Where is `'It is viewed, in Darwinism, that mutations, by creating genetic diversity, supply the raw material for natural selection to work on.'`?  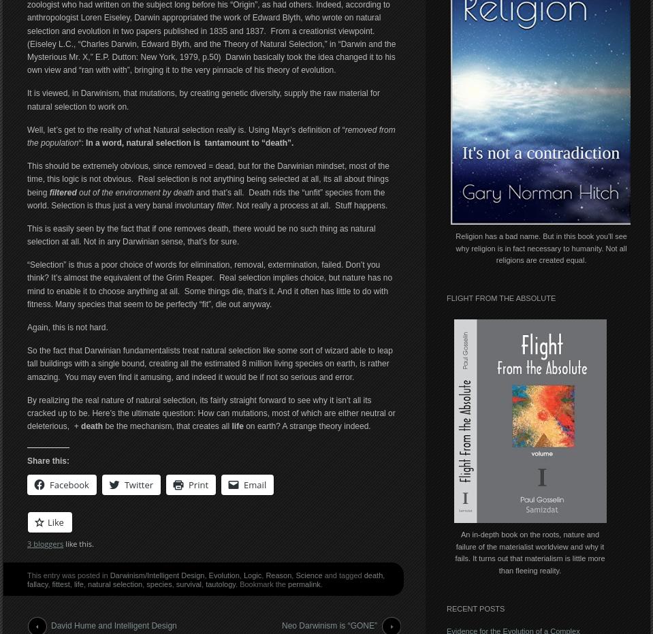 'It is viewed, in Darwinism, that mutations, by creating genetic diversity, supply the raw material for natural selection to work on.' is located at coordinates (203, 99).